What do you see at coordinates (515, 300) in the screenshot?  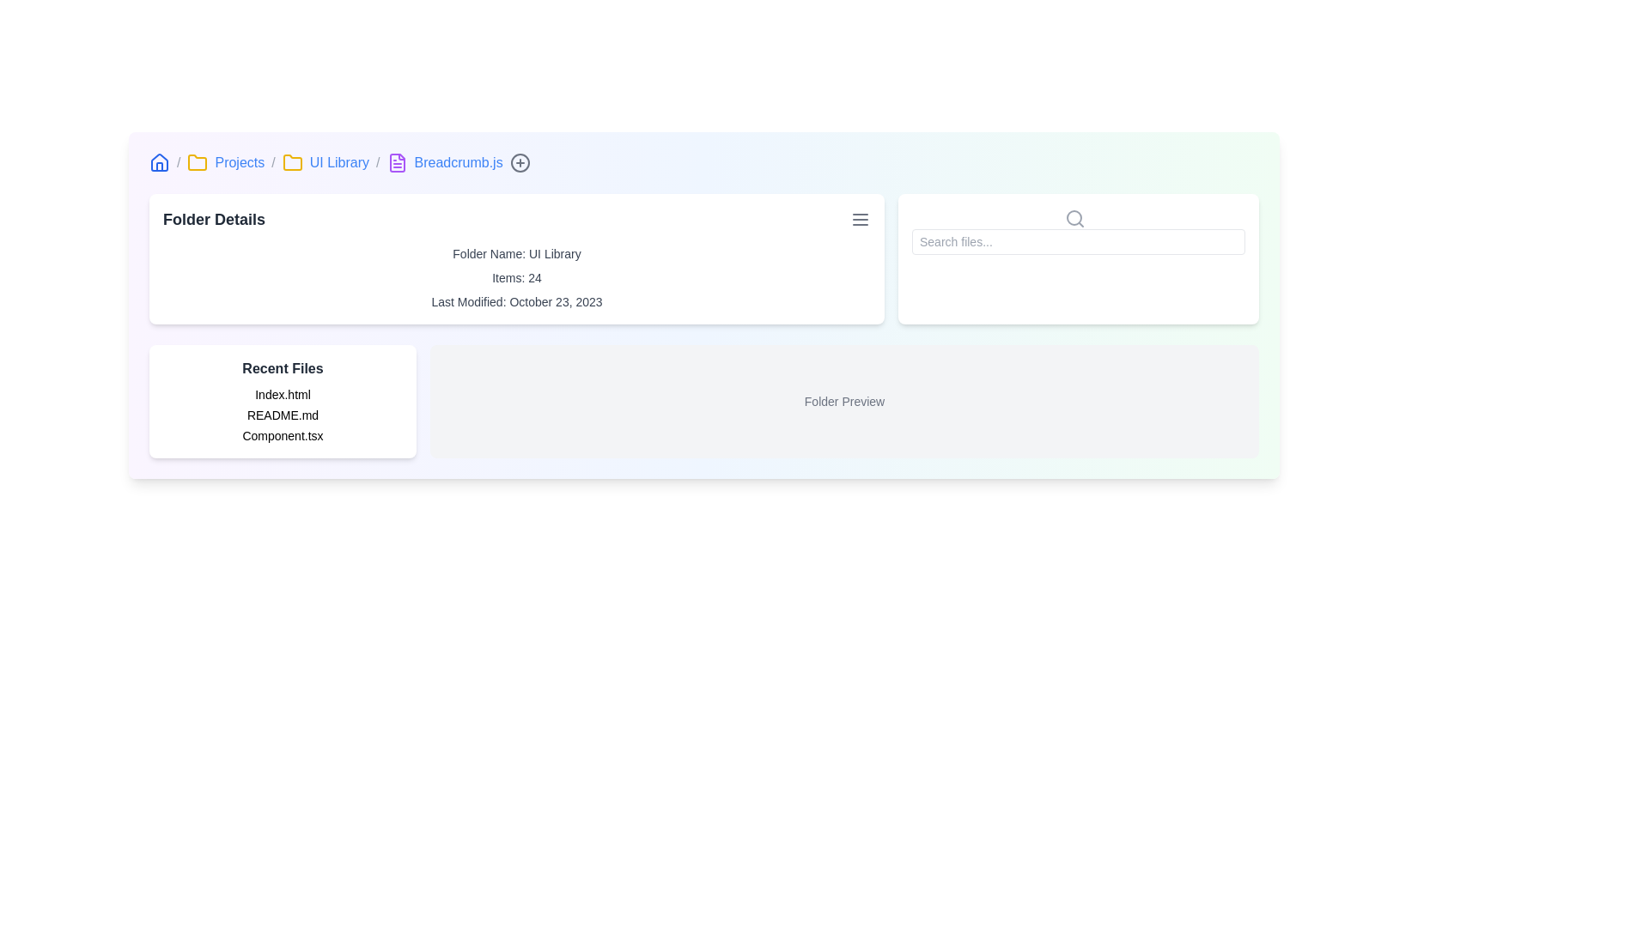 I see `date information displayed in the text label 'Last Modified: October 23, 2023', which is styled in grey and located beneath the text 'Items: 24' within the 'Folder Details' section` at bounding box center [515, 300].